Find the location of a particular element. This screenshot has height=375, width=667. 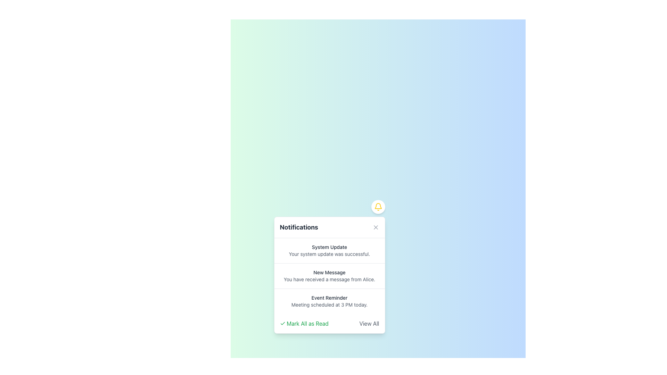

the 'Event Reminder' notification element, which features bold dark text and lighter gray subtext, positioned in the Notifications section is located at coordinates (329, 301).